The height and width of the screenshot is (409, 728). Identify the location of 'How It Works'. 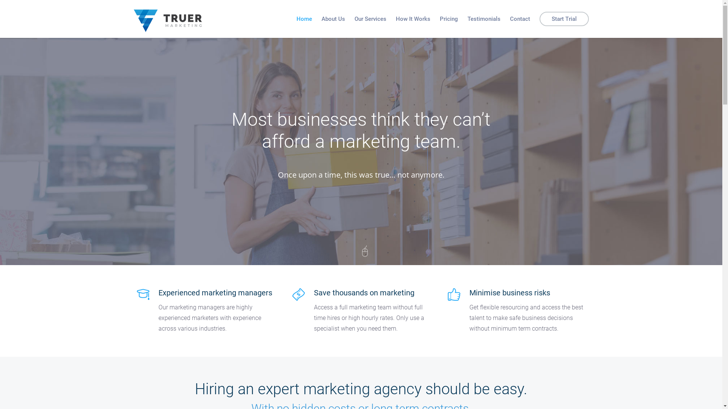
(413, 19).